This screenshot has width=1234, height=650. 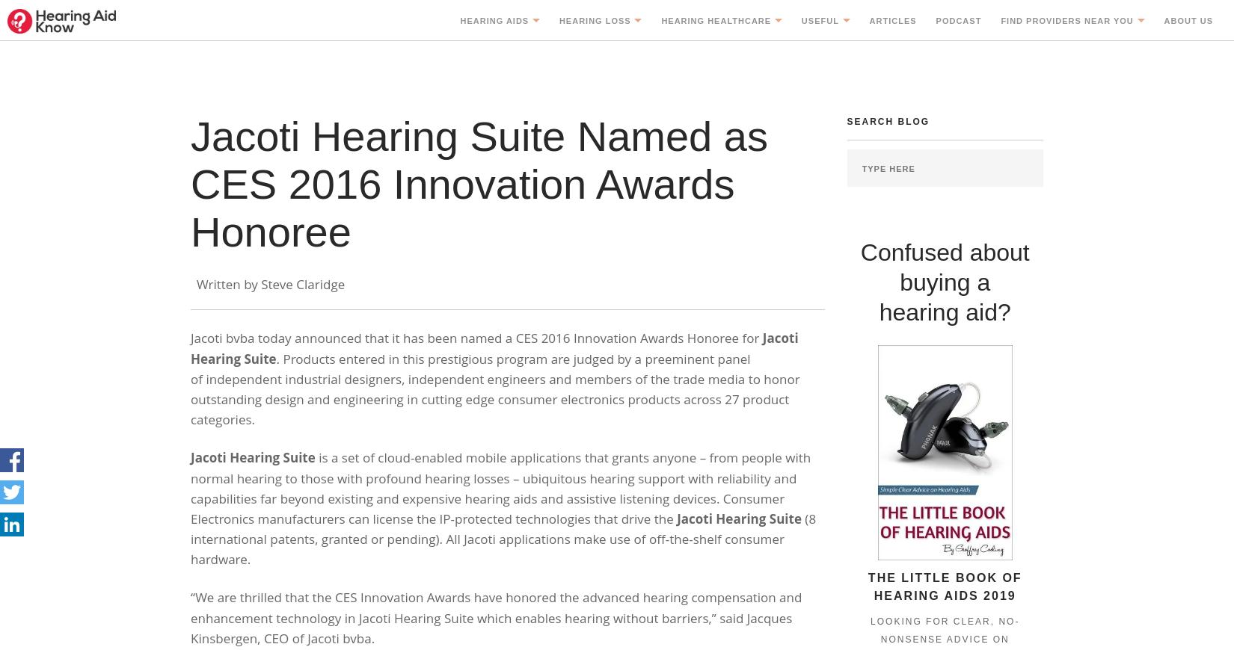 I want to click on 'Different Technologies', so click(x=515, y=191).